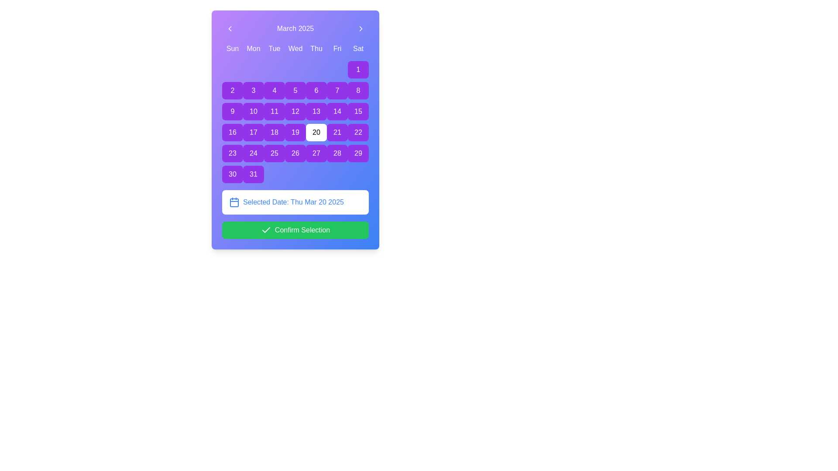  I want to click on the button for the date '3' in the calendar interface, so click(253, 91).